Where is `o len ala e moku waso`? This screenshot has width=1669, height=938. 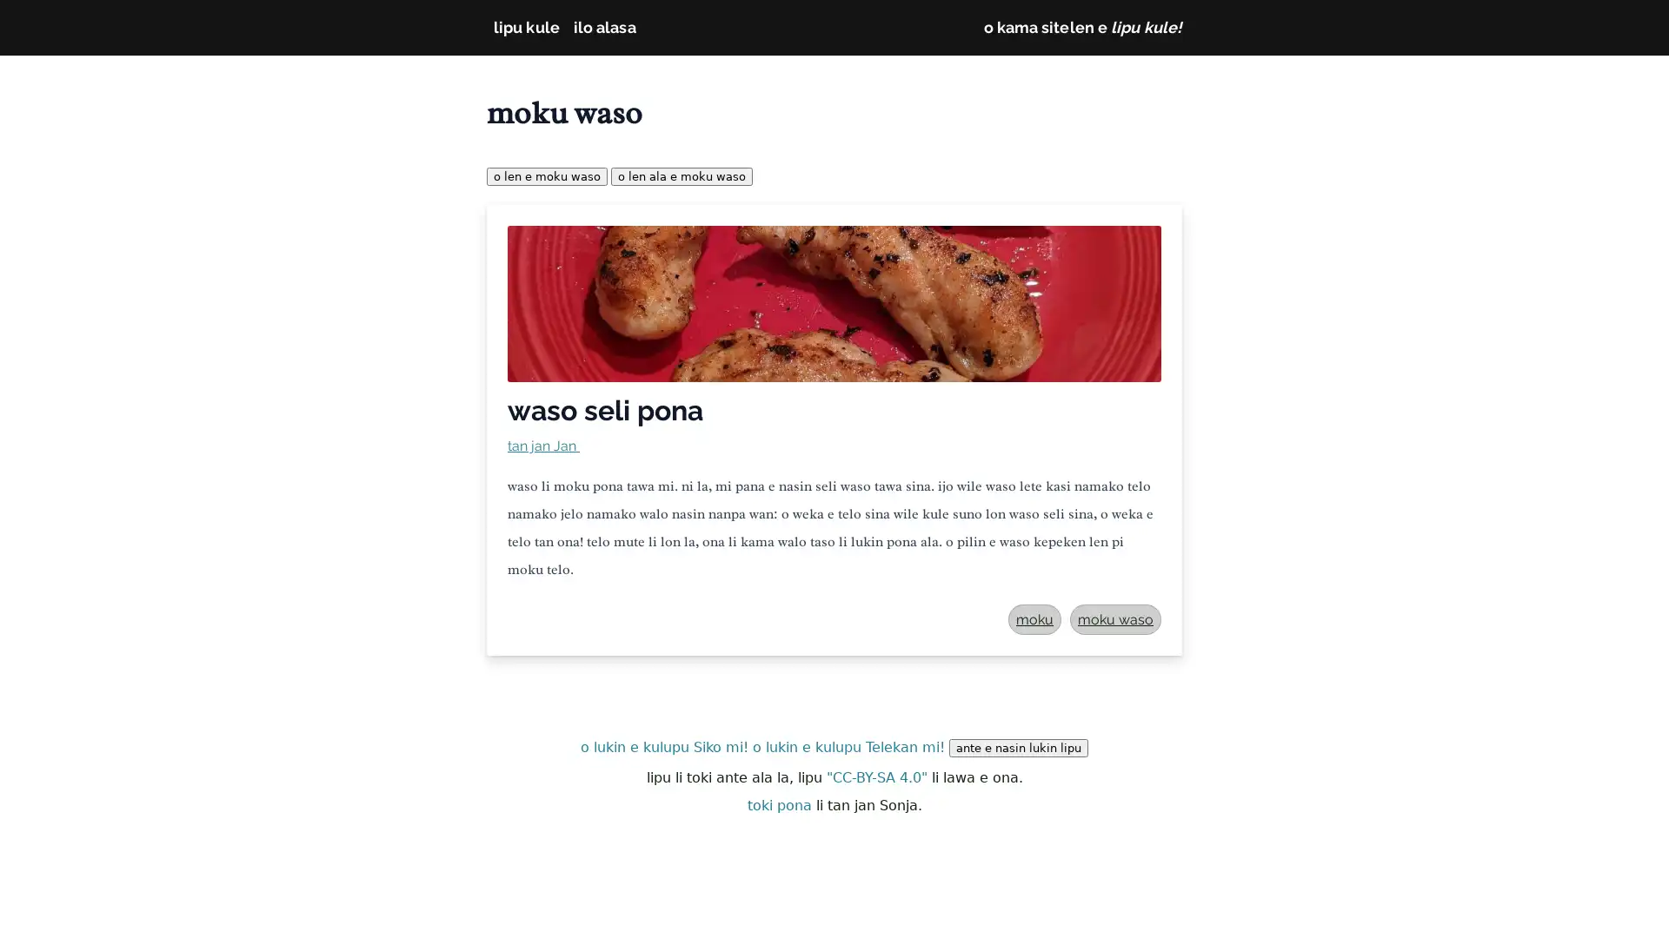 o len ala e moku waso is located at coordinates (681, 176).